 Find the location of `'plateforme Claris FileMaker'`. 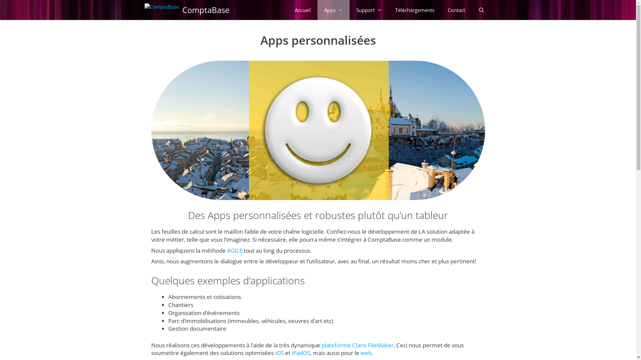

'plateforme Claris FileMaker' is located at coordinates (357, 345).